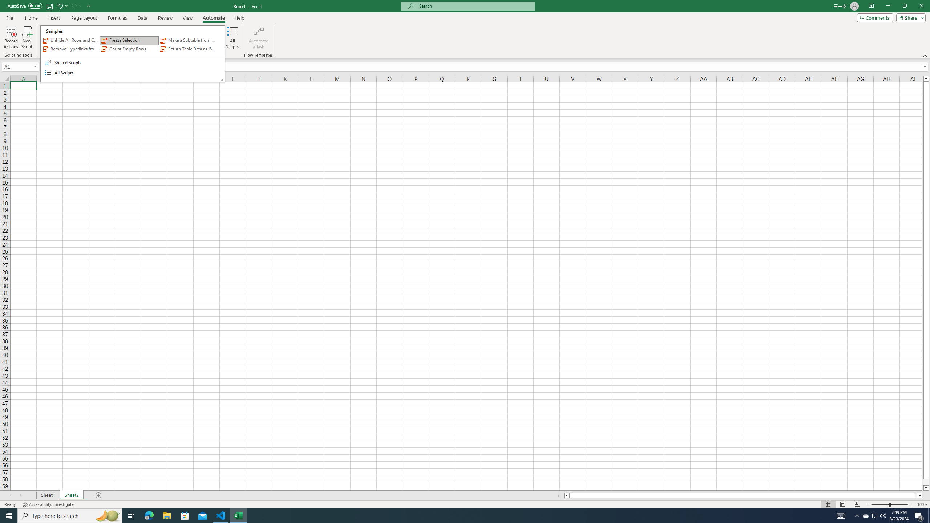  I want to click on 'Zoom In', so click(911, 504).